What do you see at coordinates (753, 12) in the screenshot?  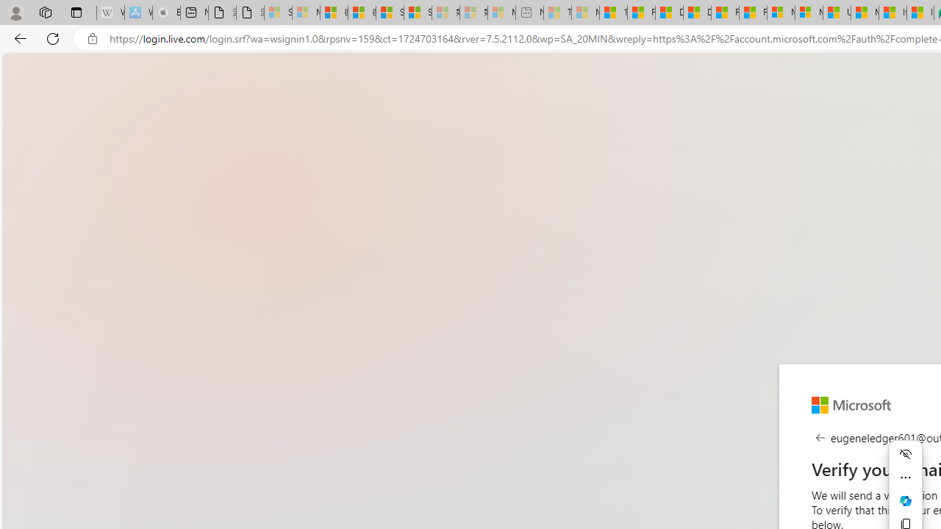 I see `'Foo BAR | Trusted Community Engagement and Contributions'` at bounding box center [753, 12].